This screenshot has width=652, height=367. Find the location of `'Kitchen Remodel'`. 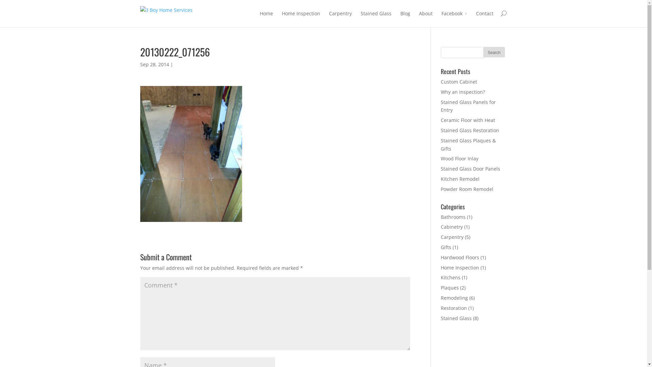

'Kitchen Remodel' is located at coordinates (460, 178).